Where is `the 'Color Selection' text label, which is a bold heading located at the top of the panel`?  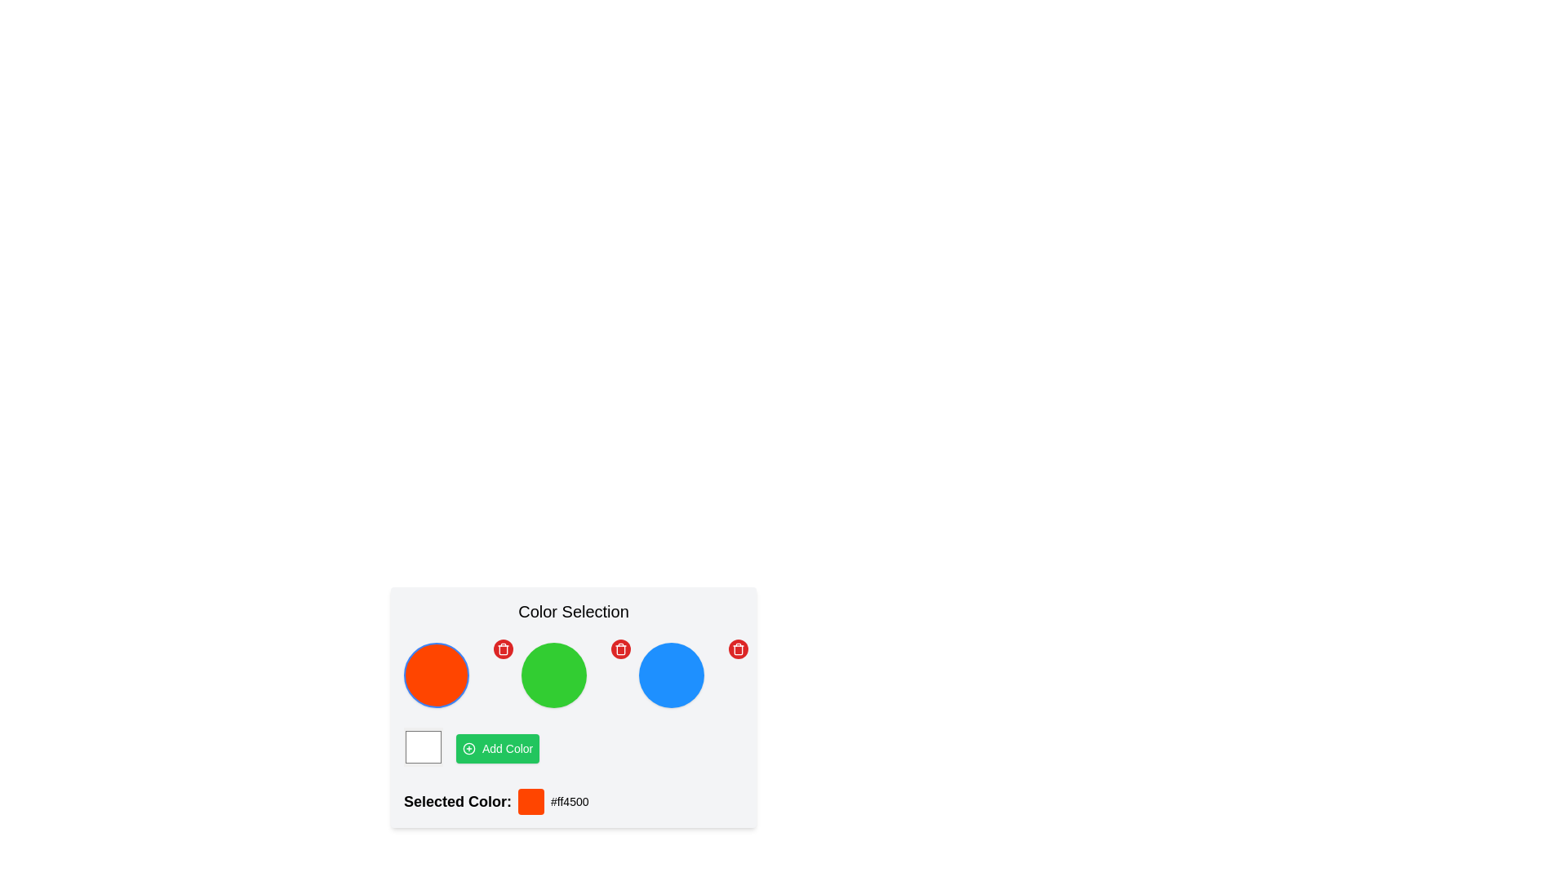
the 'Color Selection' text label, which is a bold heading located at the top of the panel is located at coordinates (573, 611).